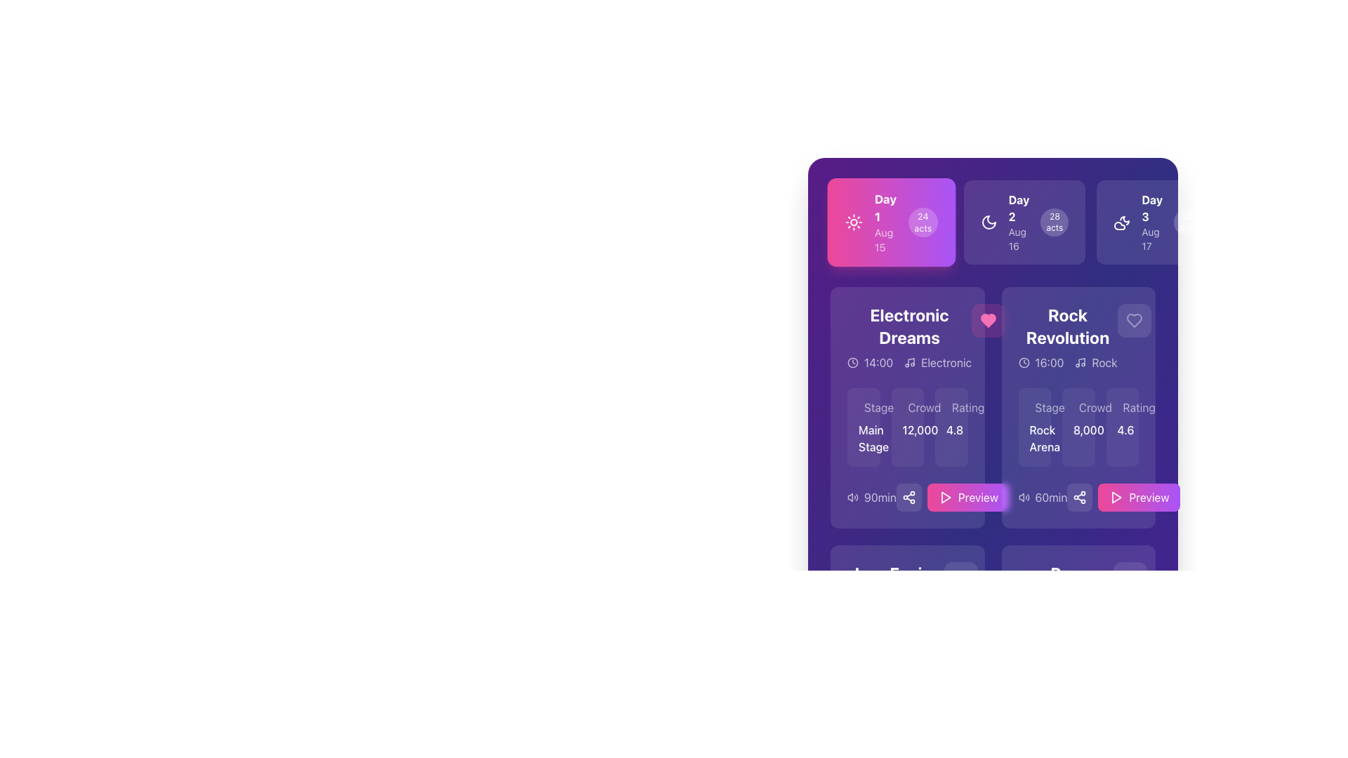 Image resolution: width=1348 pixels, height=758 pixels. I want to click on the text label displaying the word 'Stage' which is styled in a light-colored font against a darker purple background, located in the middle-left section of a subcard under 'Electronic Dreams', so click(878, 408).